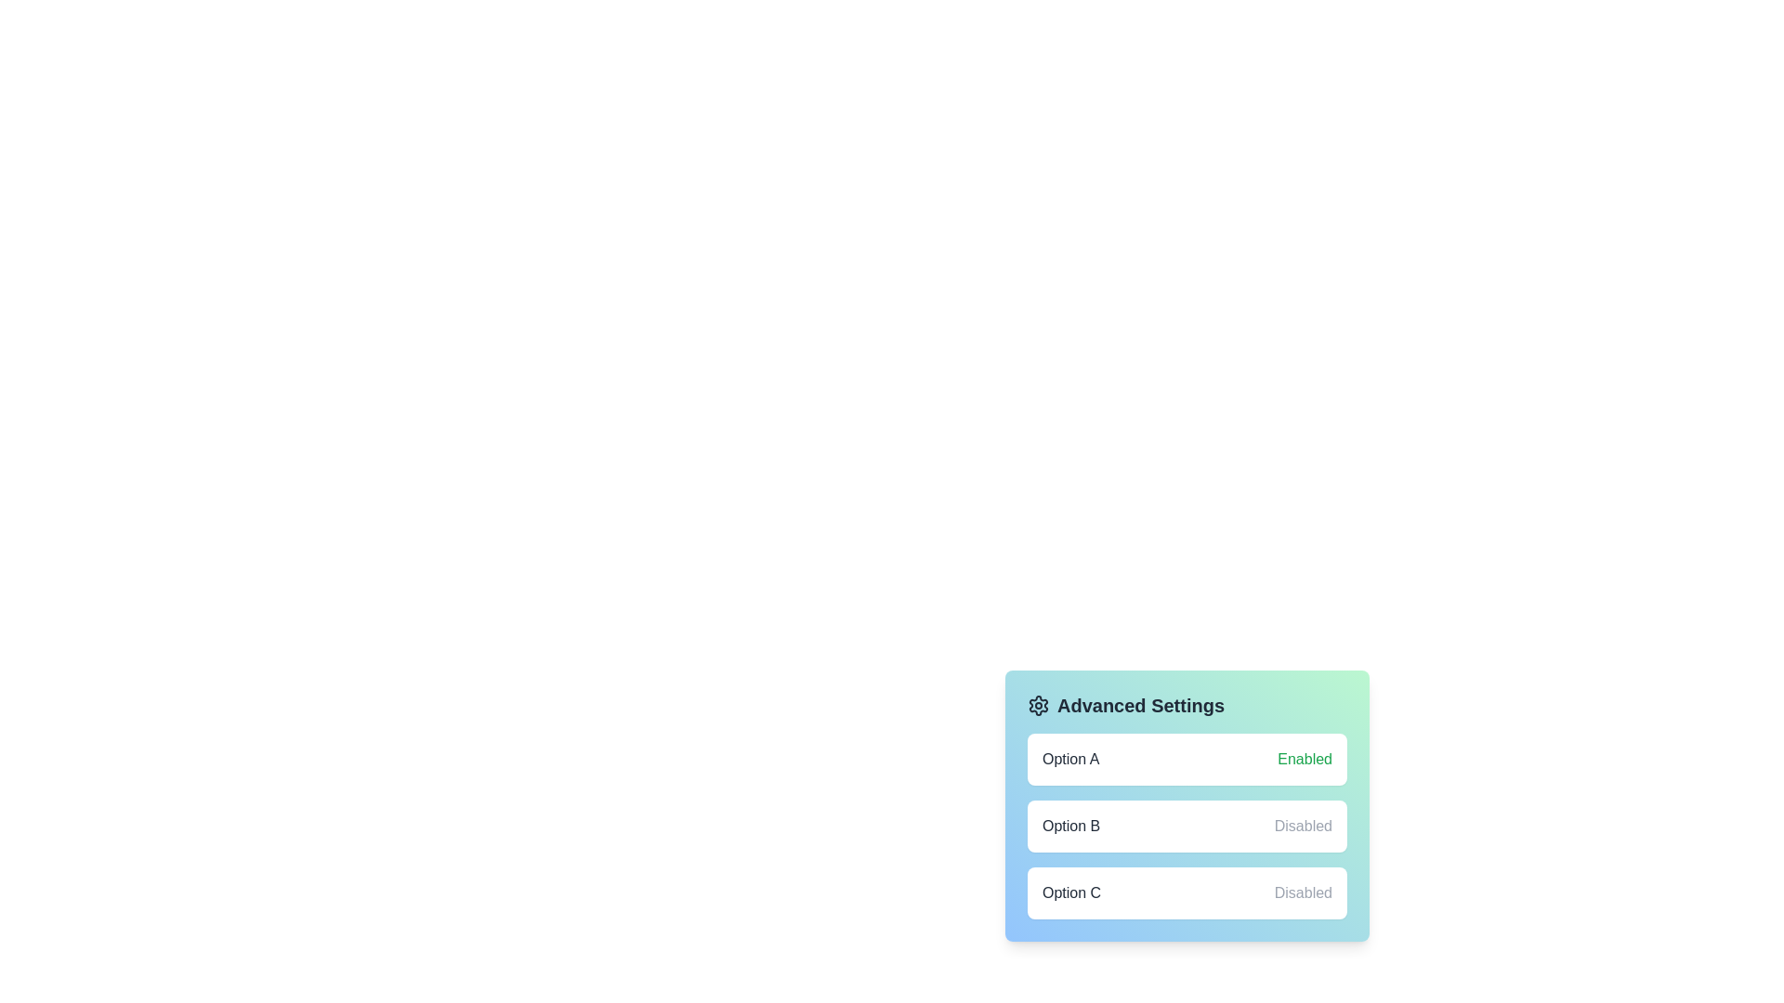 This screenshot has width=1784, height=1003. What do you see at coordinates (1038, 705) in the screenshot?
I see `the settings icon next to the title 'Advanced Settings'` at bounding box center [1038, 705].